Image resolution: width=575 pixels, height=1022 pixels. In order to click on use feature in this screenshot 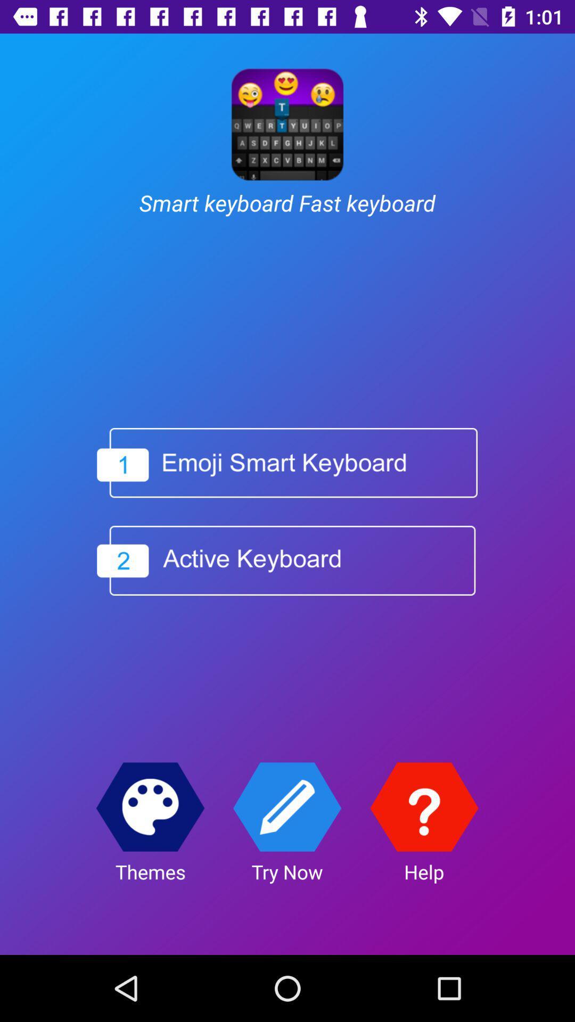, I will do `click(286, 807)`.